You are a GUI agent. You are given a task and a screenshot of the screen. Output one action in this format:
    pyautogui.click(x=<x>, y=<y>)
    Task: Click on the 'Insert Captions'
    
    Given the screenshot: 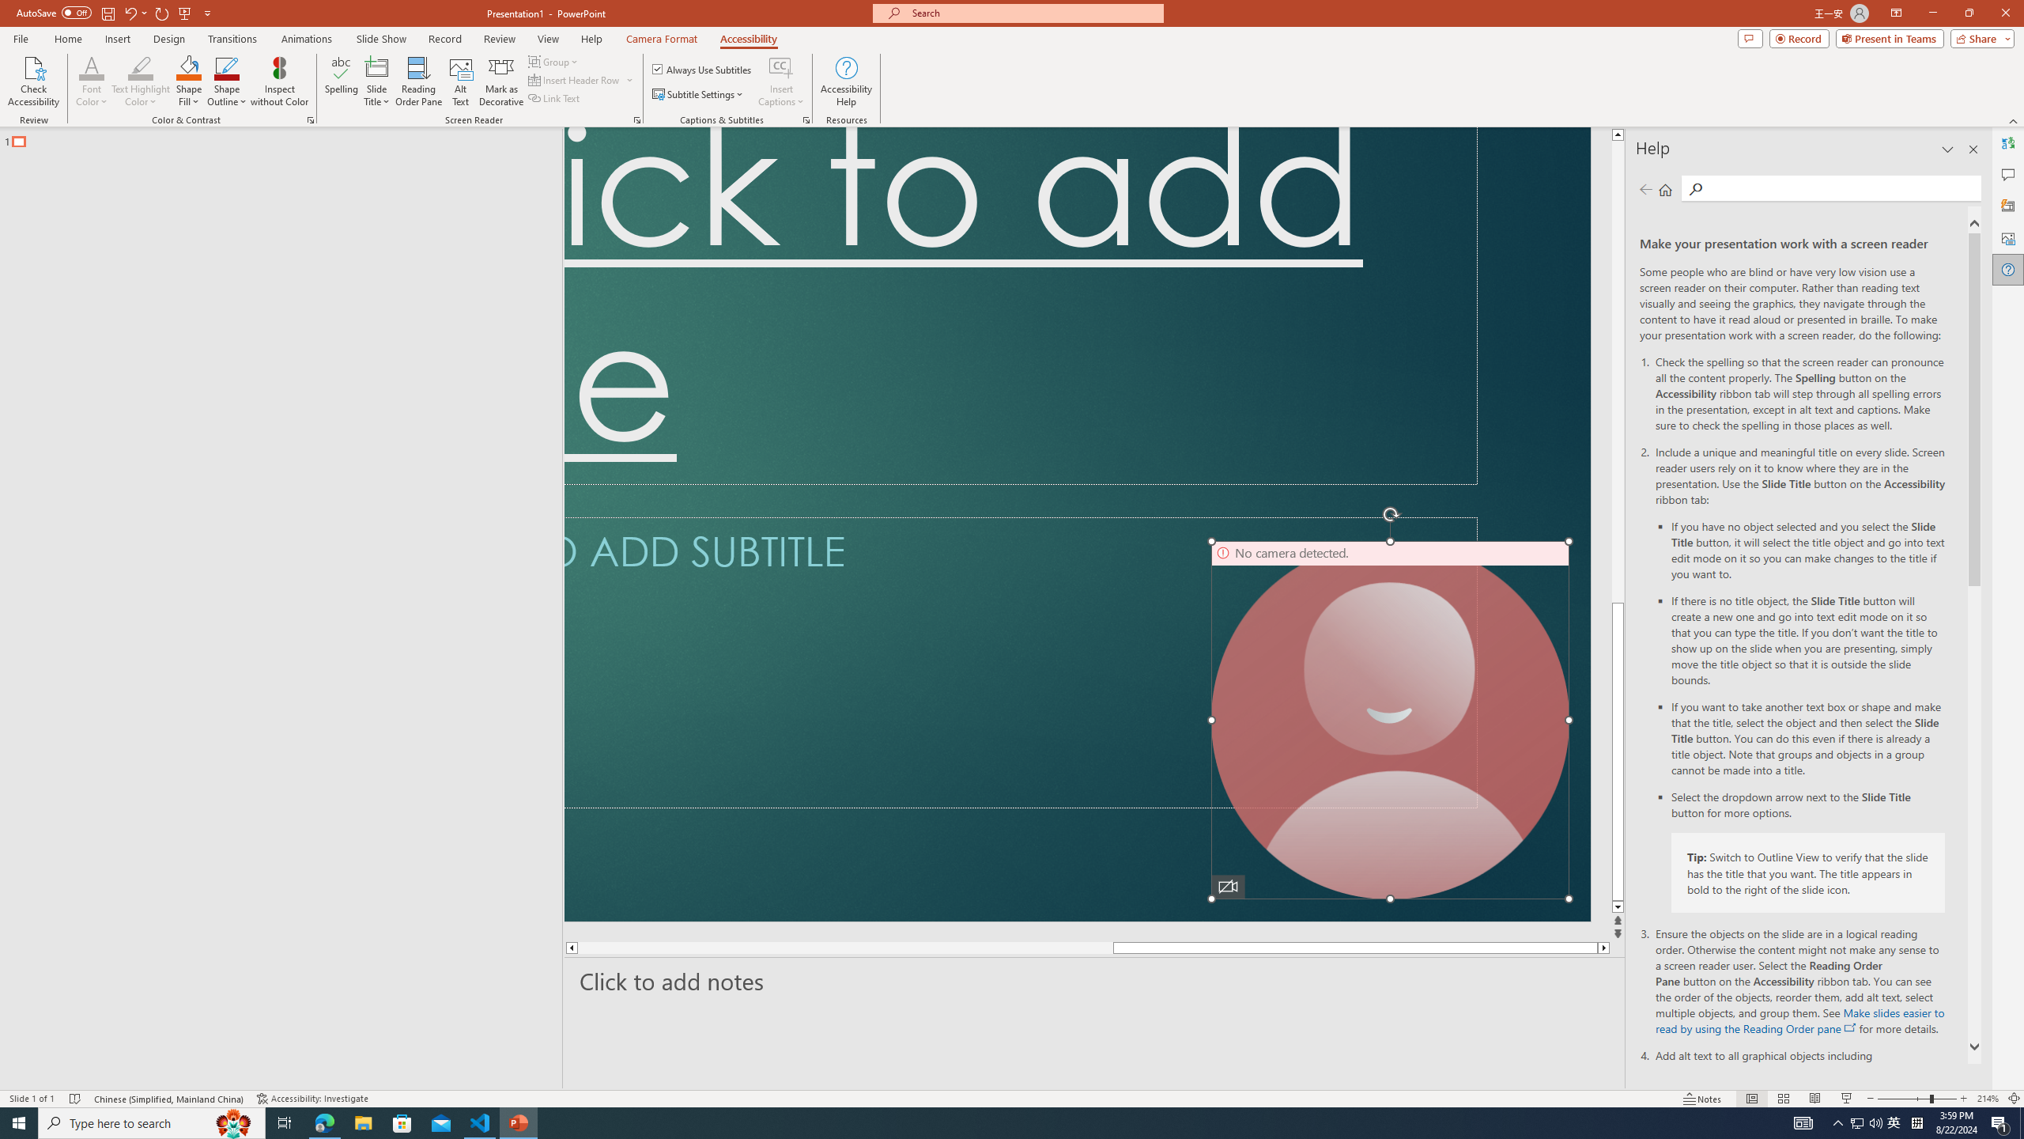 What is the action you would take?
    pyautogui.click(x=780, y=66)
    